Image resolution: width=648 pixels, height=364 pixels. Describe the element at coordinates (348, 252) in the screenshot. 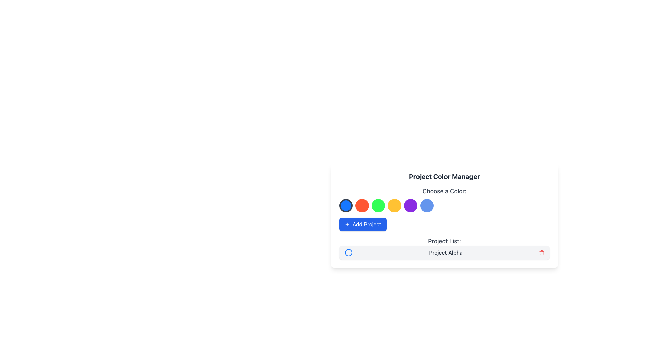

I see `the status indicator icon for the 'Project Alpha' entry in the project list` at that location.